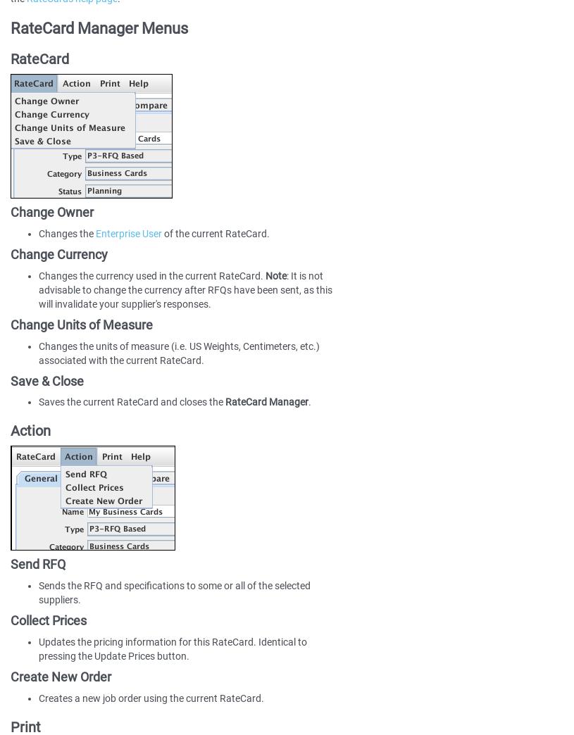  What do you see at coordinates (9, 676) in the screenshot?
I see `'Create New Order'` at bounding box center [9, 676].